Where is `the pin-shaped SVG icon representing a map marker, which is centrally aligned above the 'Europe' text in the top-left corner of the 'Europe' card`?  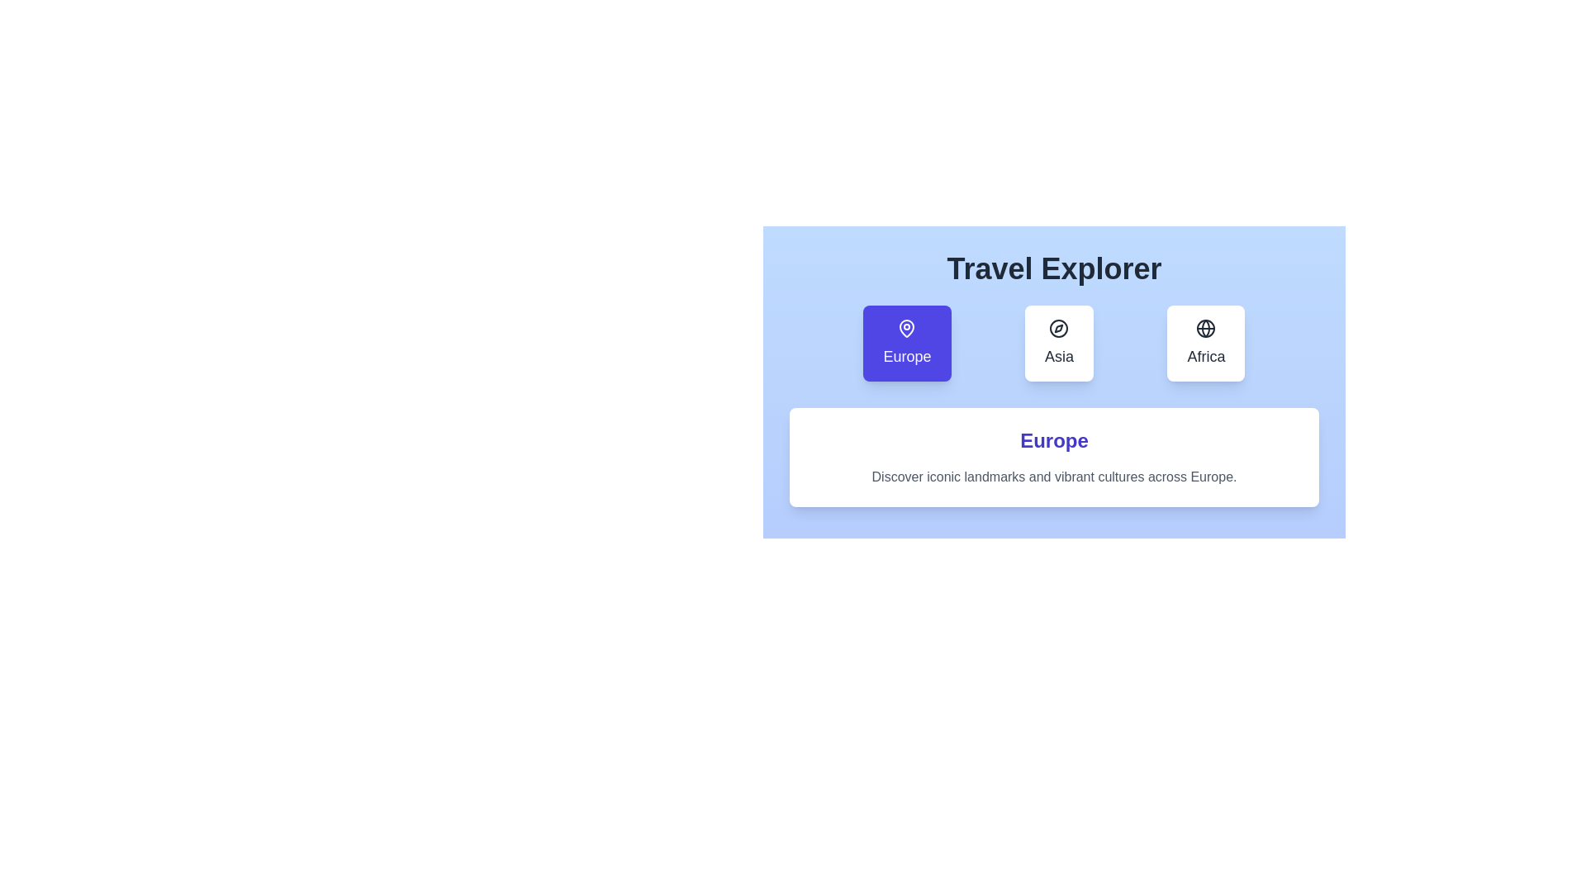
the pin-shaped SVG icon representing a map marker, which is centrally aligned above the 'Europe' text in the top-left corner of the 'Europe' card is located at coordinates (906, 328).